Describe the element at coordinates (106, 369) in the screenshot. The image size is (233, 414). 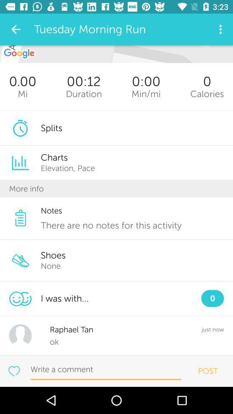
I see `write a comment` at that location.